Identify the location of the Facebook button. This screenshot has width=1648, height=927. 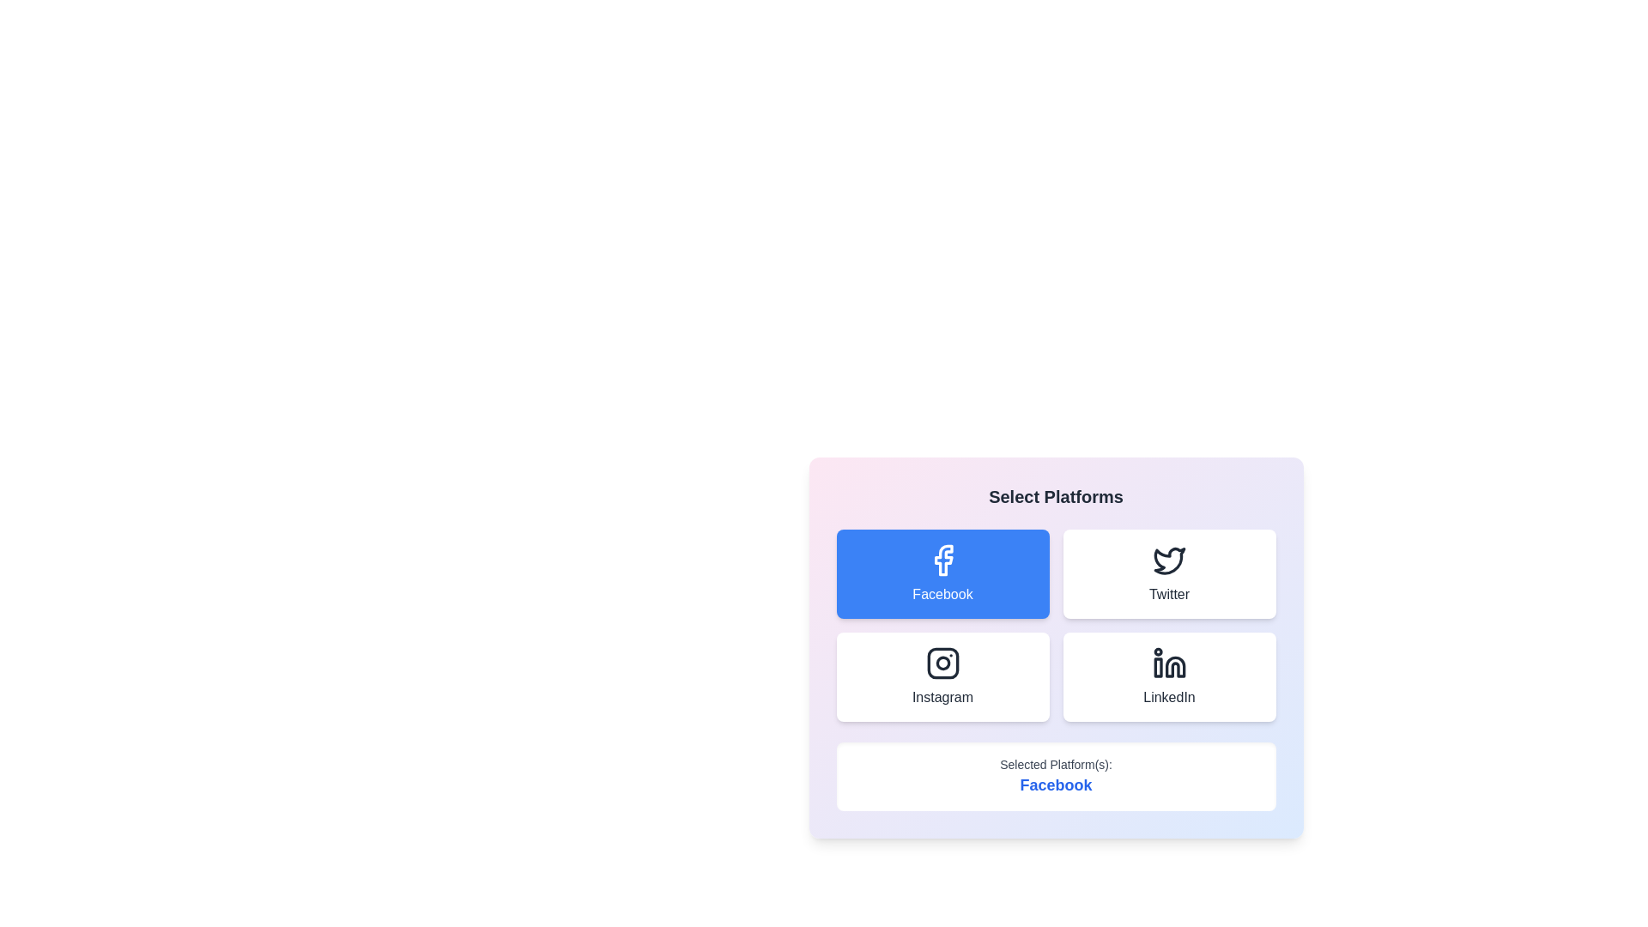
(942, 573).